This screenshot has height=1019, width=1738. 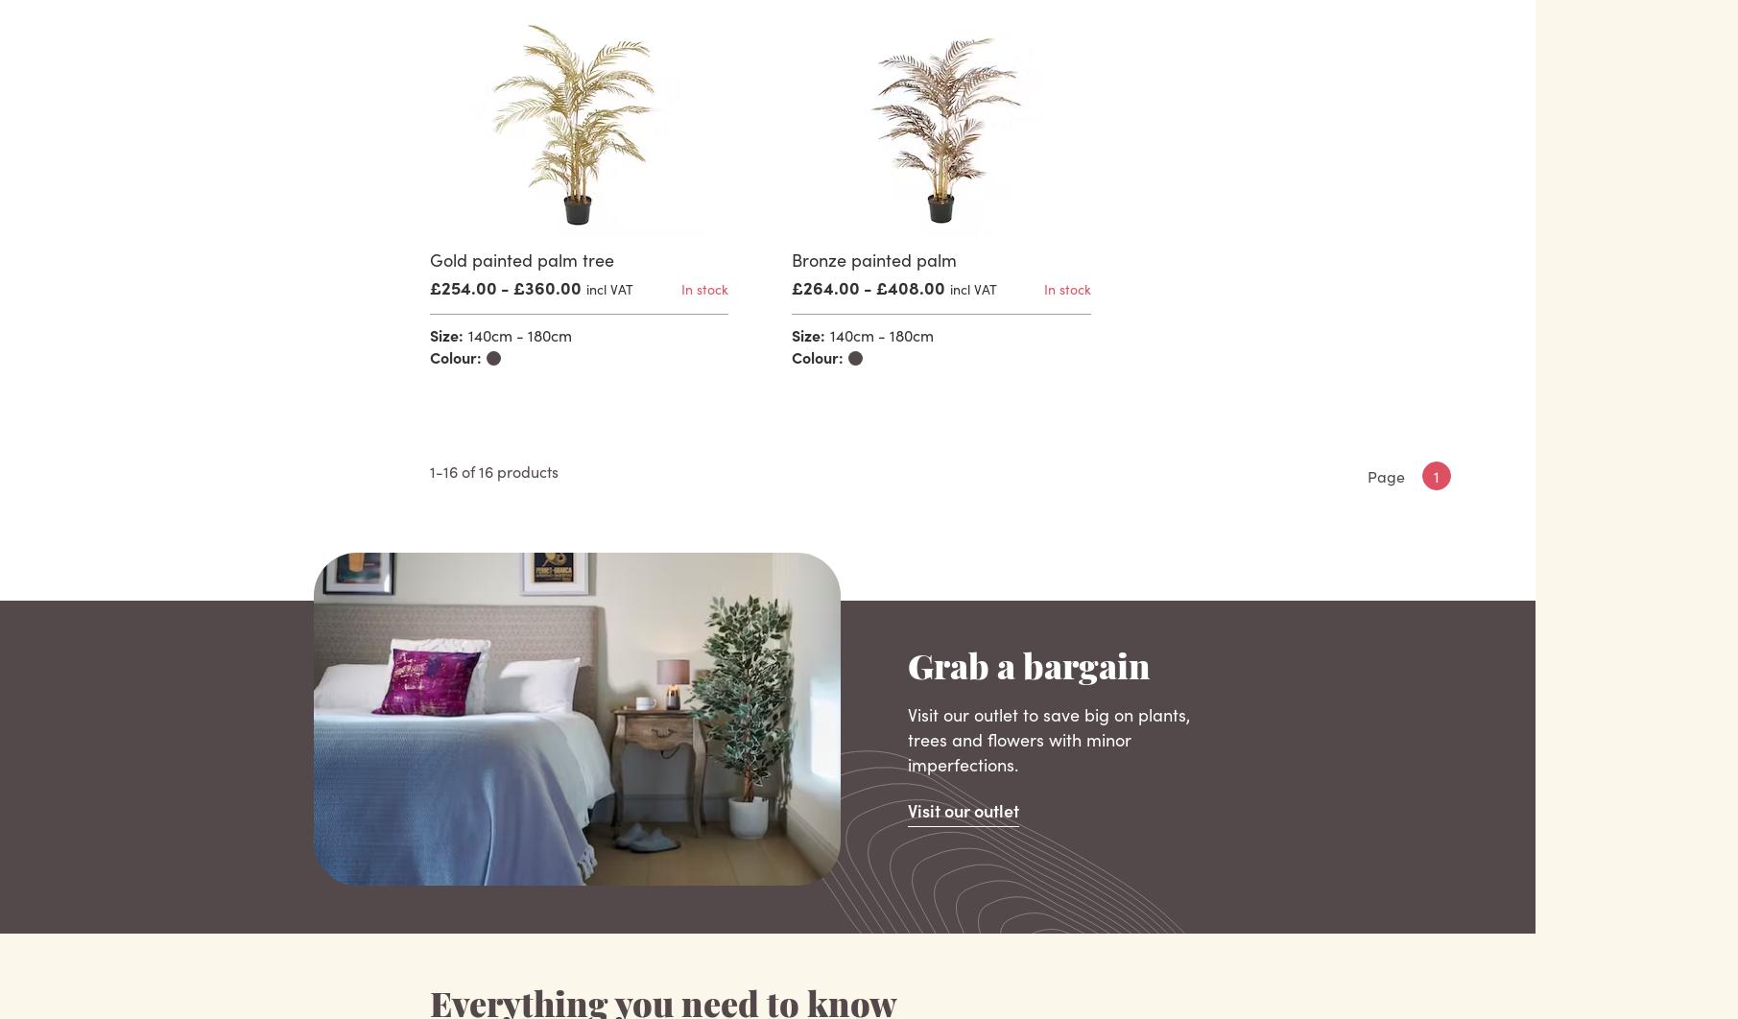 I want to click on 'Grab a bargain', so click(x=1028, y=671).